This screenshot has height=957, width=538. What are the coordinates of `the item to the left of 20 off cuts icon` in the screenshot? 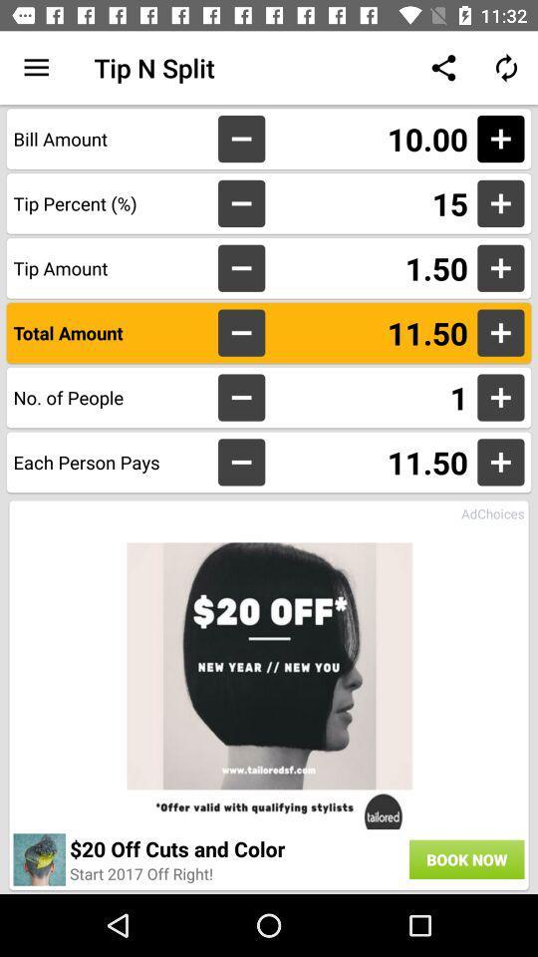 It's located at (39, 858).